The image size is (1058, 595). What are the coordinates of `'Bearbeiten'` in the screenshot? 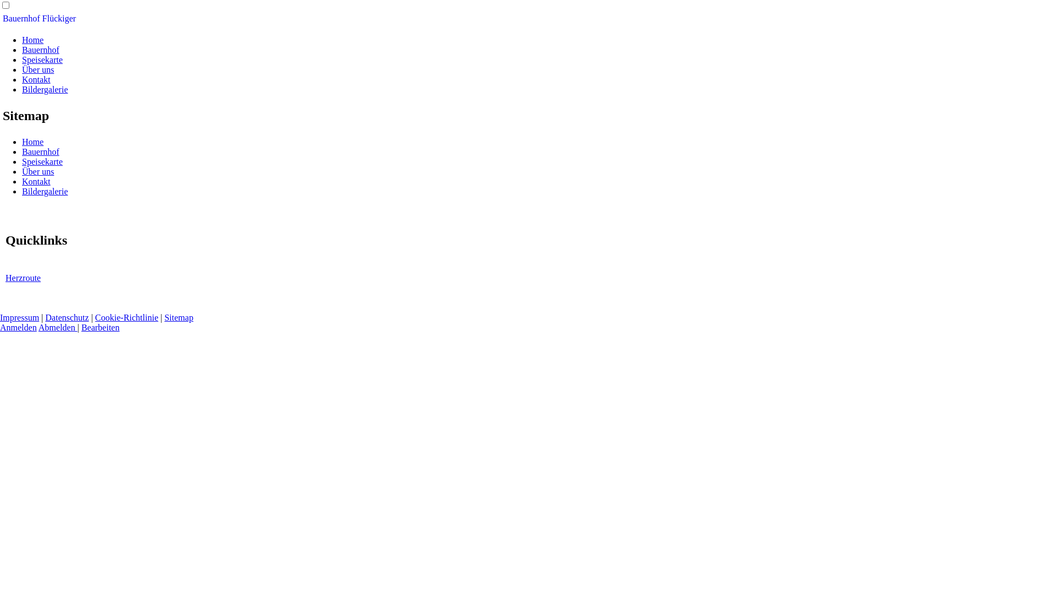 It's located at (100, 327).